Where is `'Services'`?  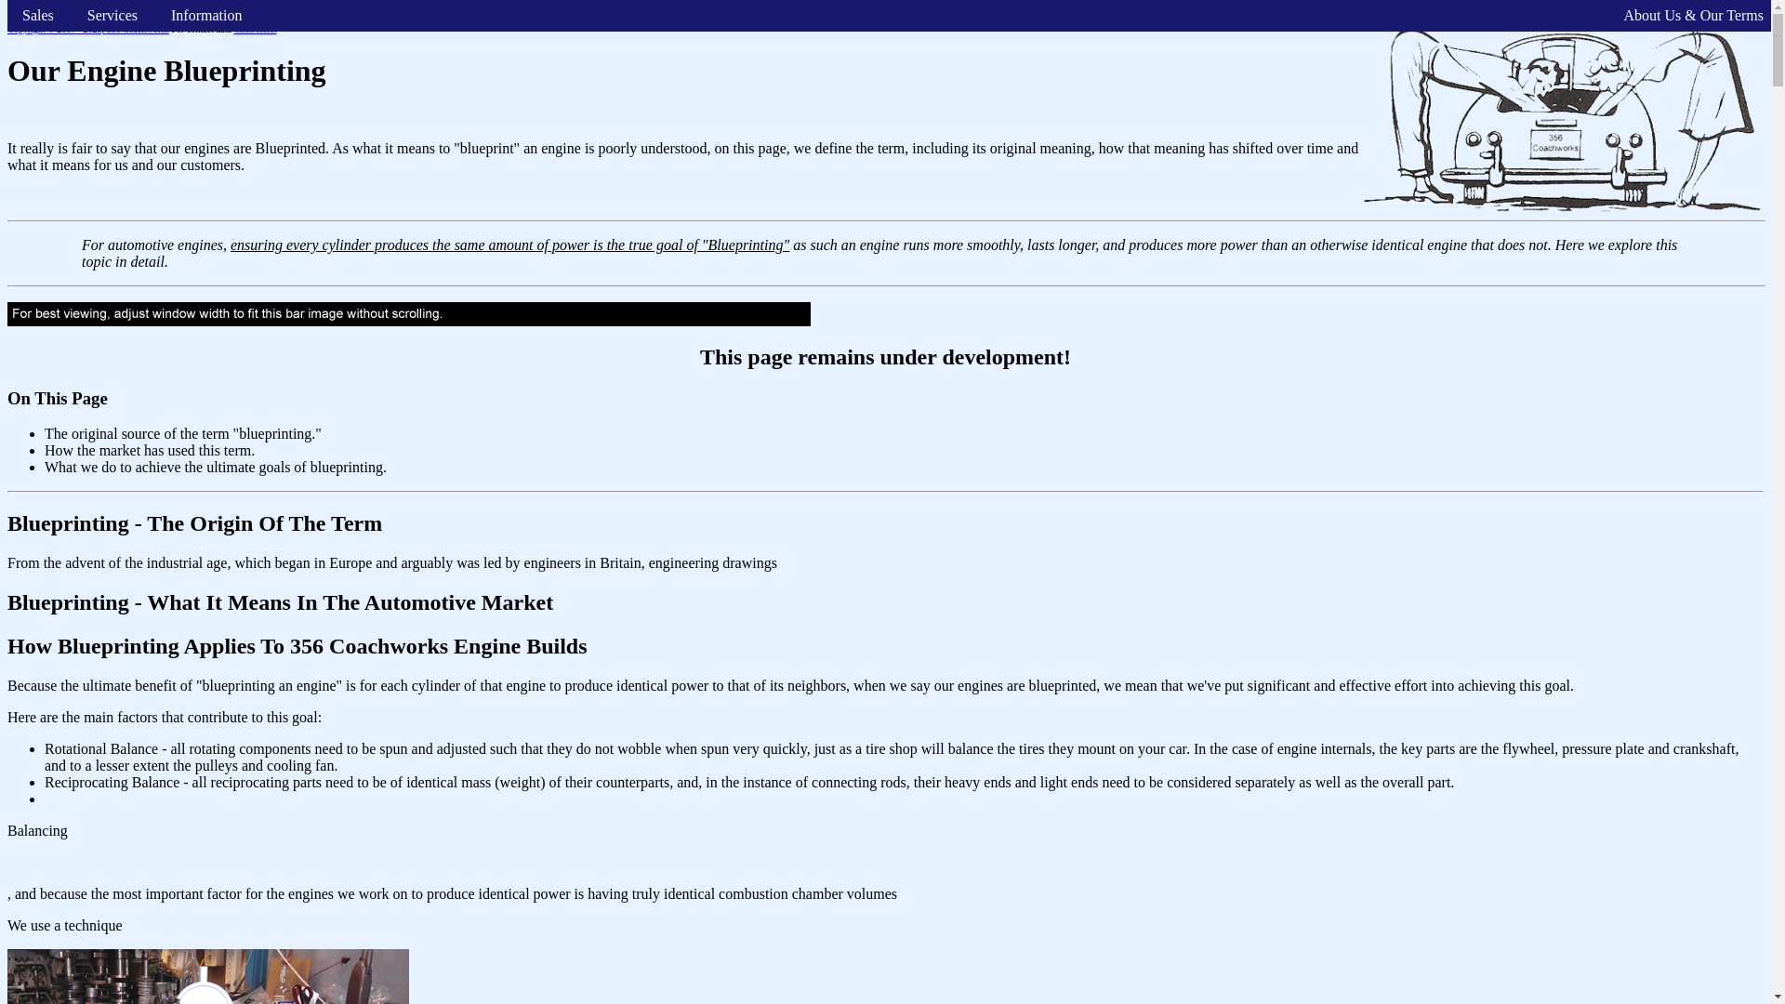 'Services' is located at coordinates (111, 15).